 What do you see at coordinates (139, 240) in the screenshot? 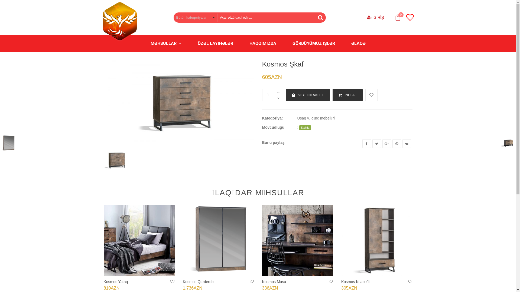
I see `'Kosmos Yataq'` at bounding box center [139, 240].